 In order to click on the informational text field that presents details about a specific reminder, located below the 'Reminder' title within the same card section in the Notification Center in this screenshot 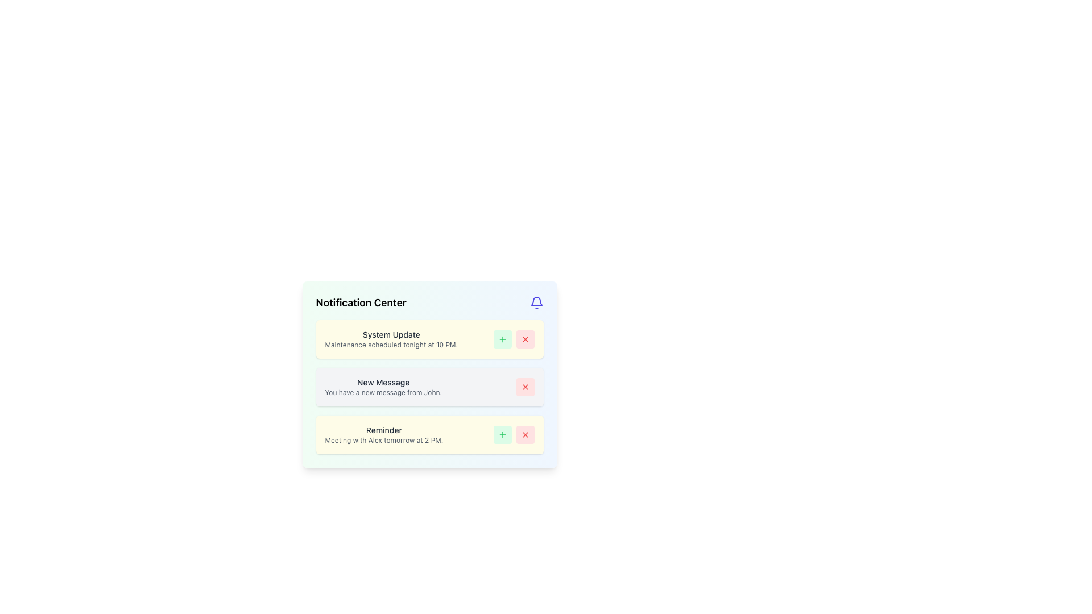, I will do `click(384, 440)`.